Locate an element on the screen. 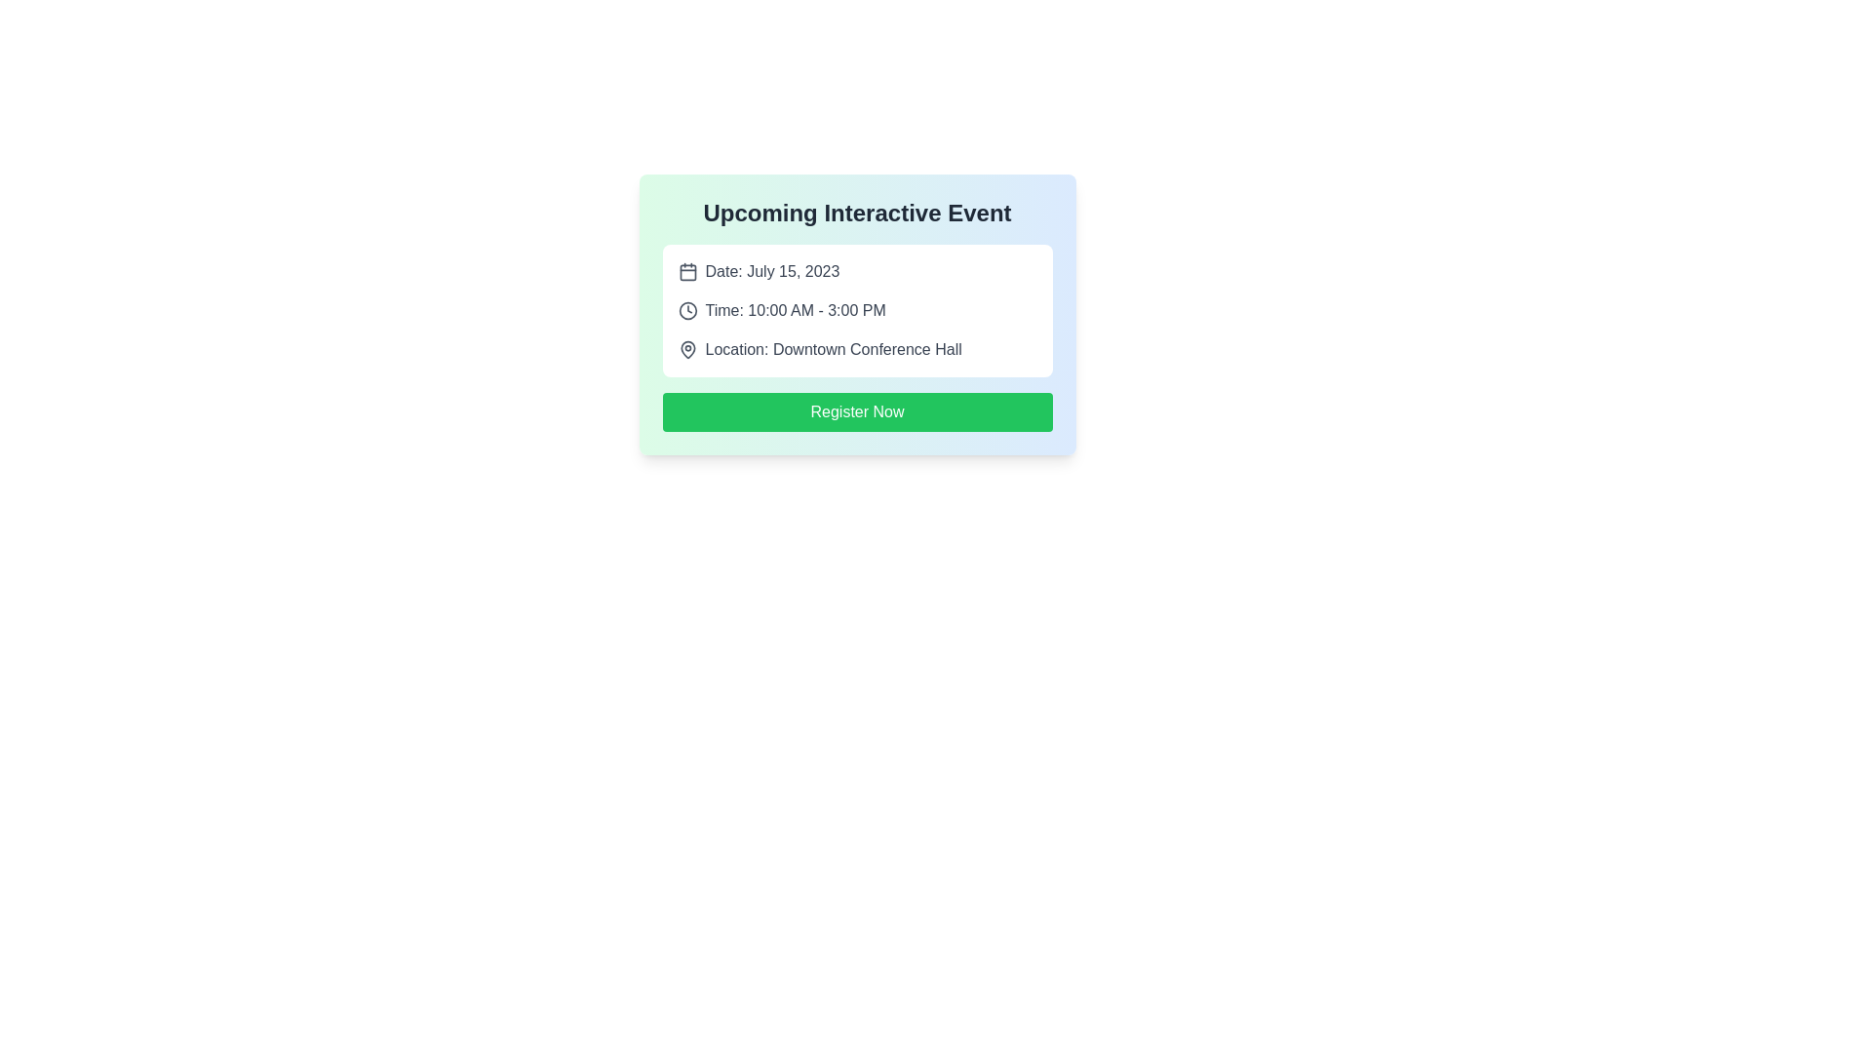 Image resolution: width=1872 pixels, height=1053 pixels. the static text label displaying 'Location: Downtown Conference Hall', which is styled in gray and located below the event time information is located at coordinates (834, 348).